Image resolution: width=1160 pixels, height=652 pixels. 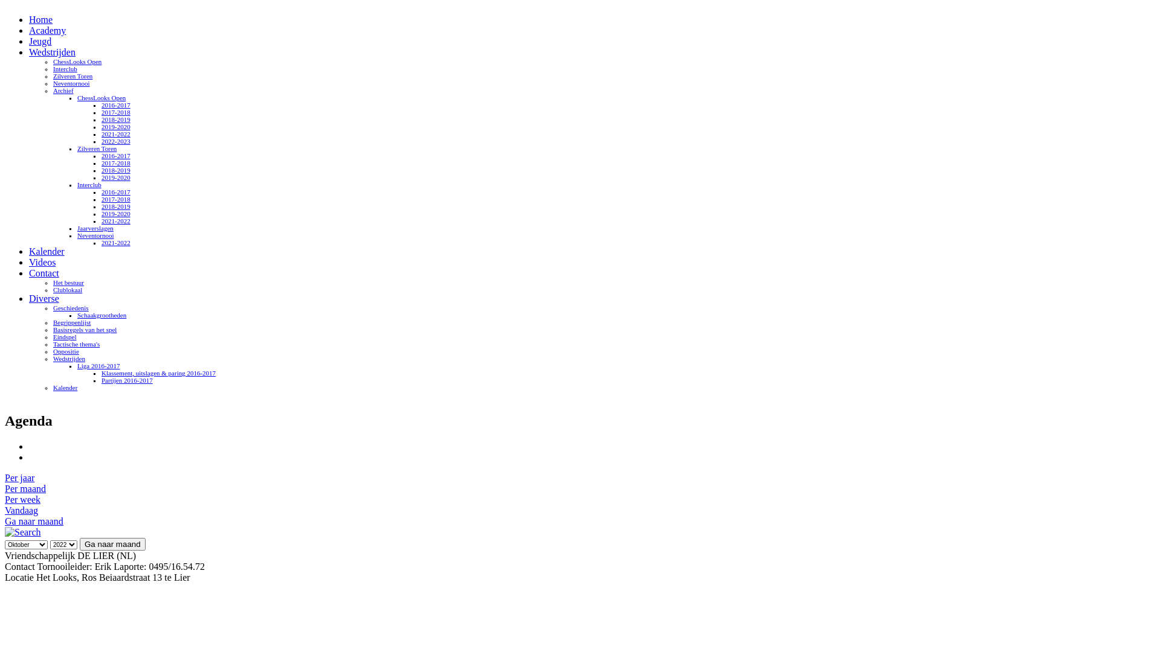 What do you see at coordinates (116, 213) in the screenshot?
I see `'2019-2020'` at bounding box center [116, 213].